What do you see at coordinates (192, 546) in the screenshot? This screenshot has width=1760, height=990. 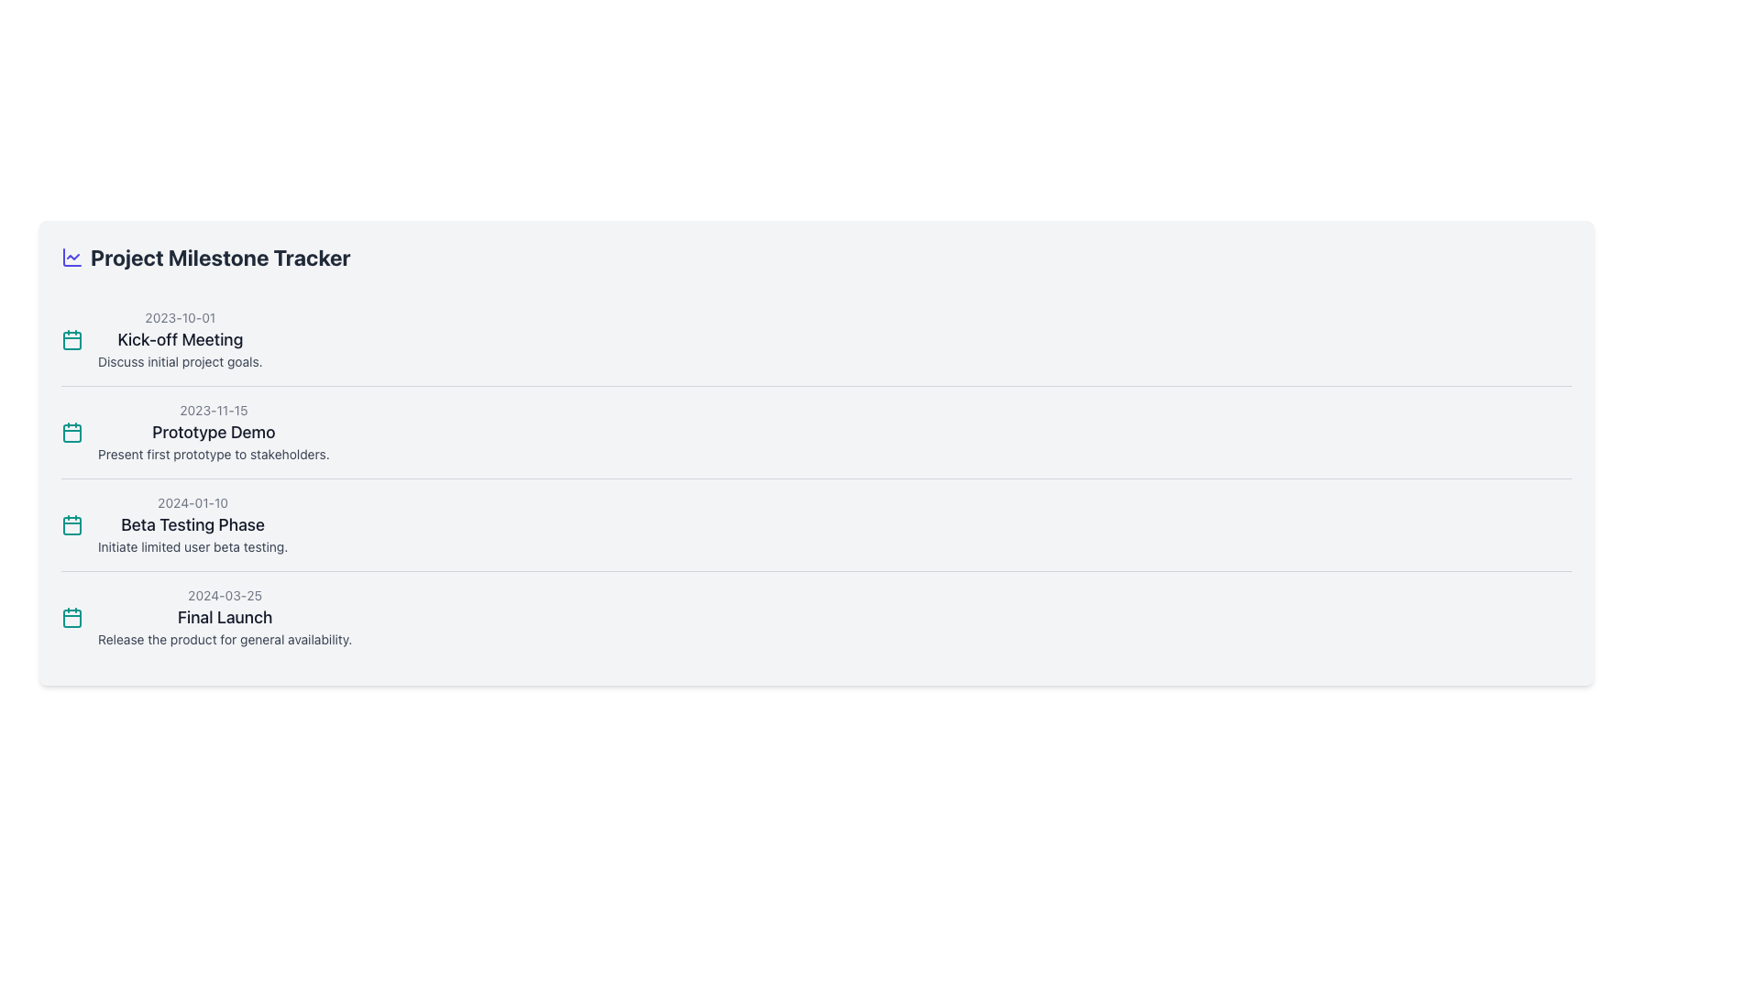 I see `the interactive text label providing information about the milestone '2024-01-10 Beta Testing Phase', which is positioned below the heading and above the next milestone` at bounding box center [192, 546].